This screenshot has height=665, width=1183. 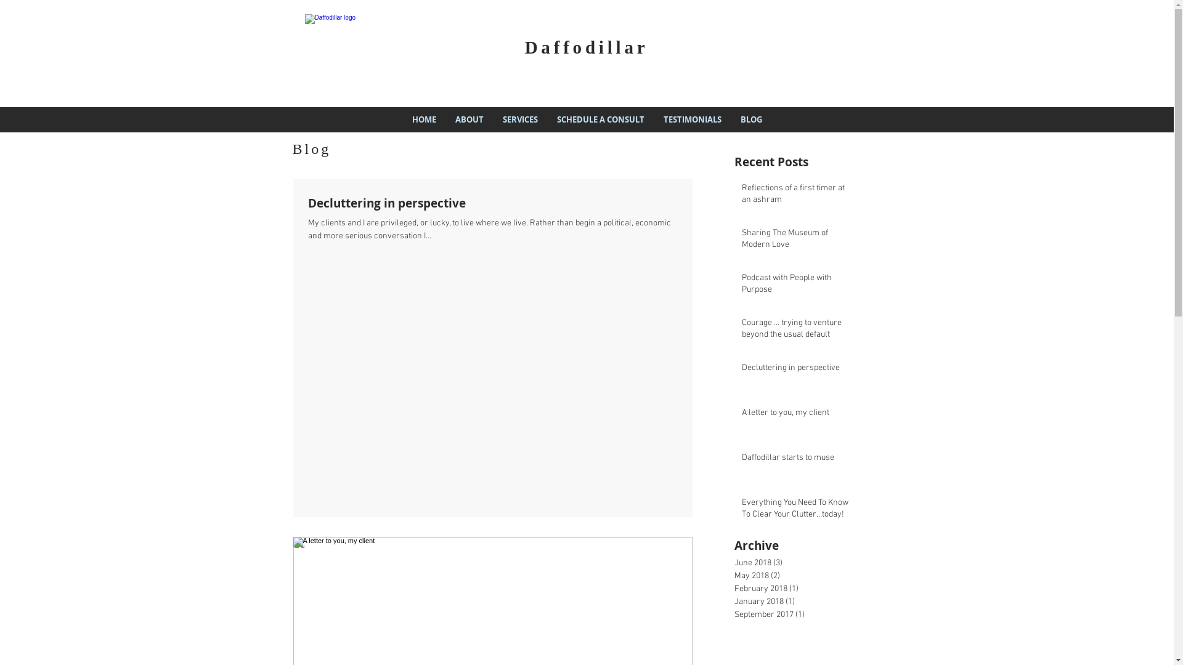 What do you see at coordinates (799, 576) in the screenshot?
I see `'May 2018 (2)'` at bounding box center [799, 576].